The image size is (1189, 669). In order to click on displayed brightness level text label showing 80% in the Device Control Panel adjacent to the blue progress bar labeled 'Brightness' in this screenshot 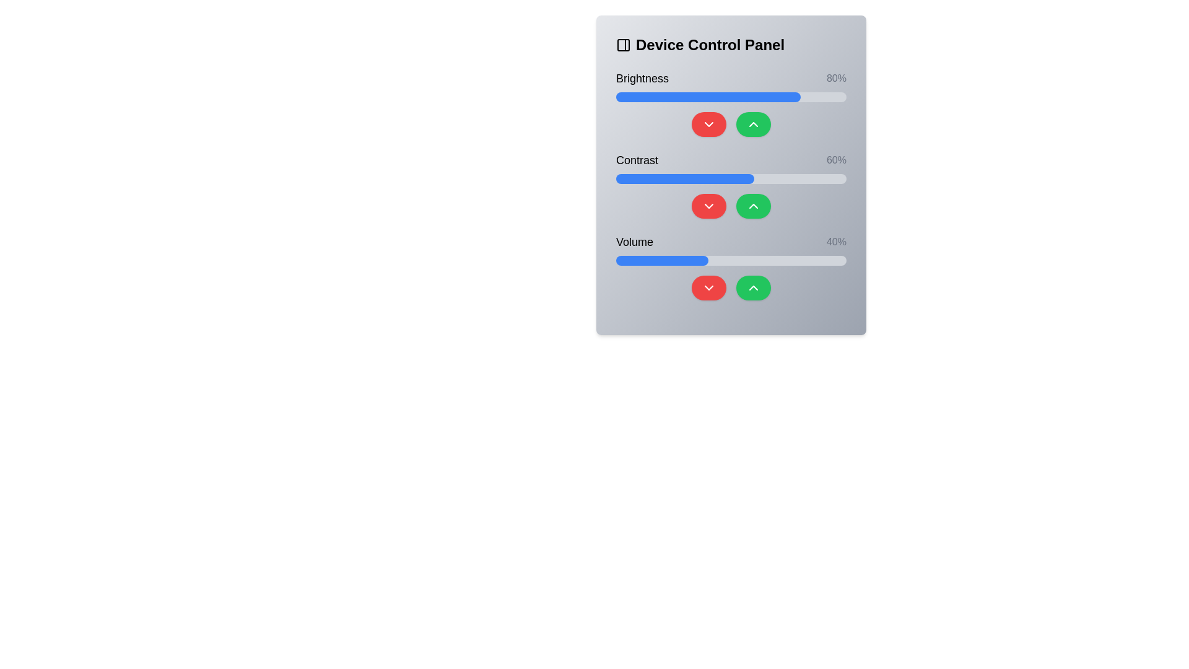, I will do `click(836, 79)`.